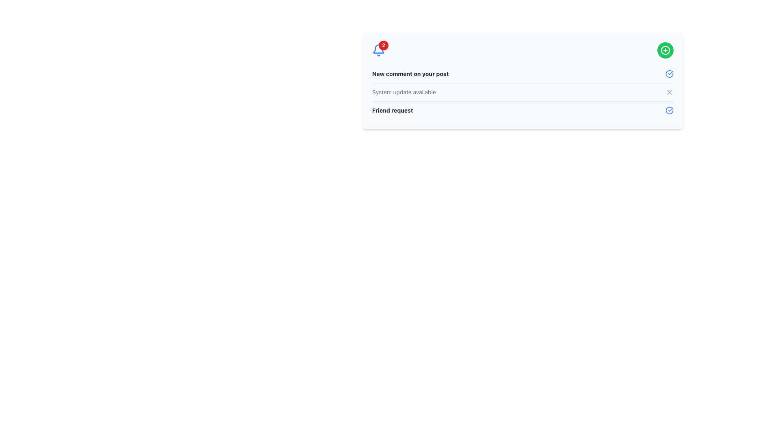 This screenshot has width=781, height=439. Describe the element at coordinates (670, 111) in the screenshot. I see `the circular blue checkmark button in the 'Friend request' section` at that location.